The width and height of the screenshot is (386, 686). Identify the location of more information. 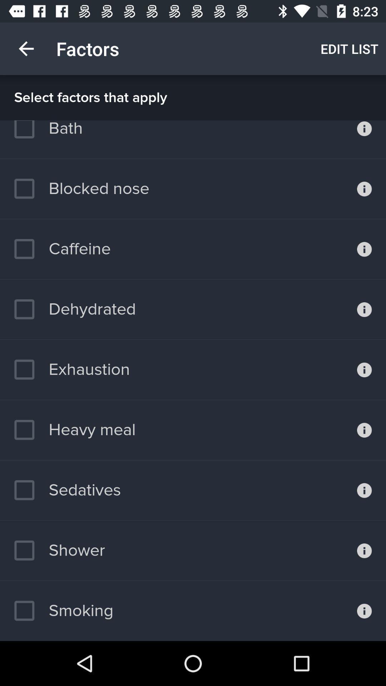
(364, 610).